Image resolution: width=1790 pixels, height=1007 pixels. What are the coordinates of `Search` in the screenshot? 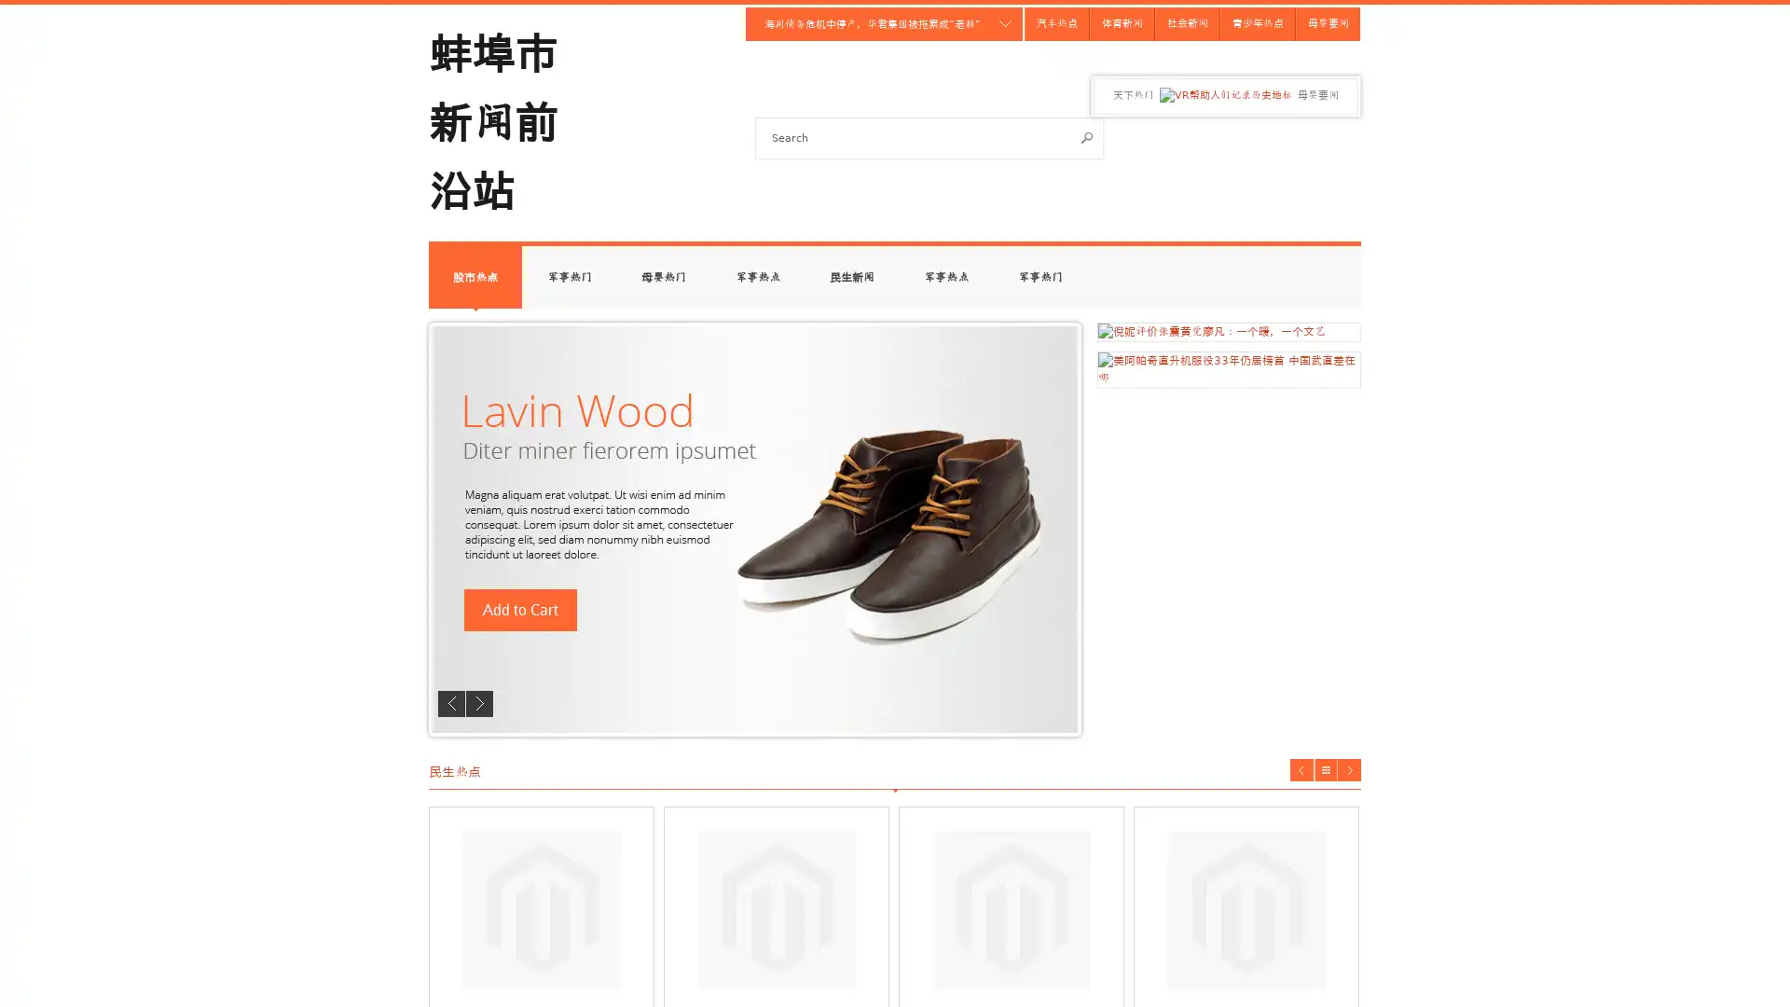 It's located at (1087, 136).